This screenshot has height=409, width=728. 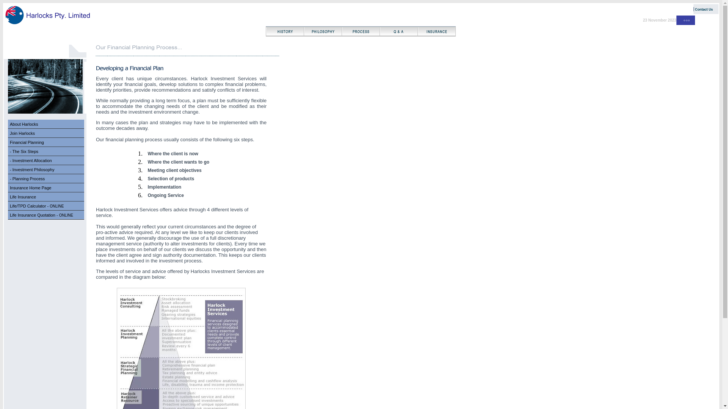 What do you see at coordinates (171, 178) in the screenshot?
I see `'Selection of products'` at bounding box center [171, 178].